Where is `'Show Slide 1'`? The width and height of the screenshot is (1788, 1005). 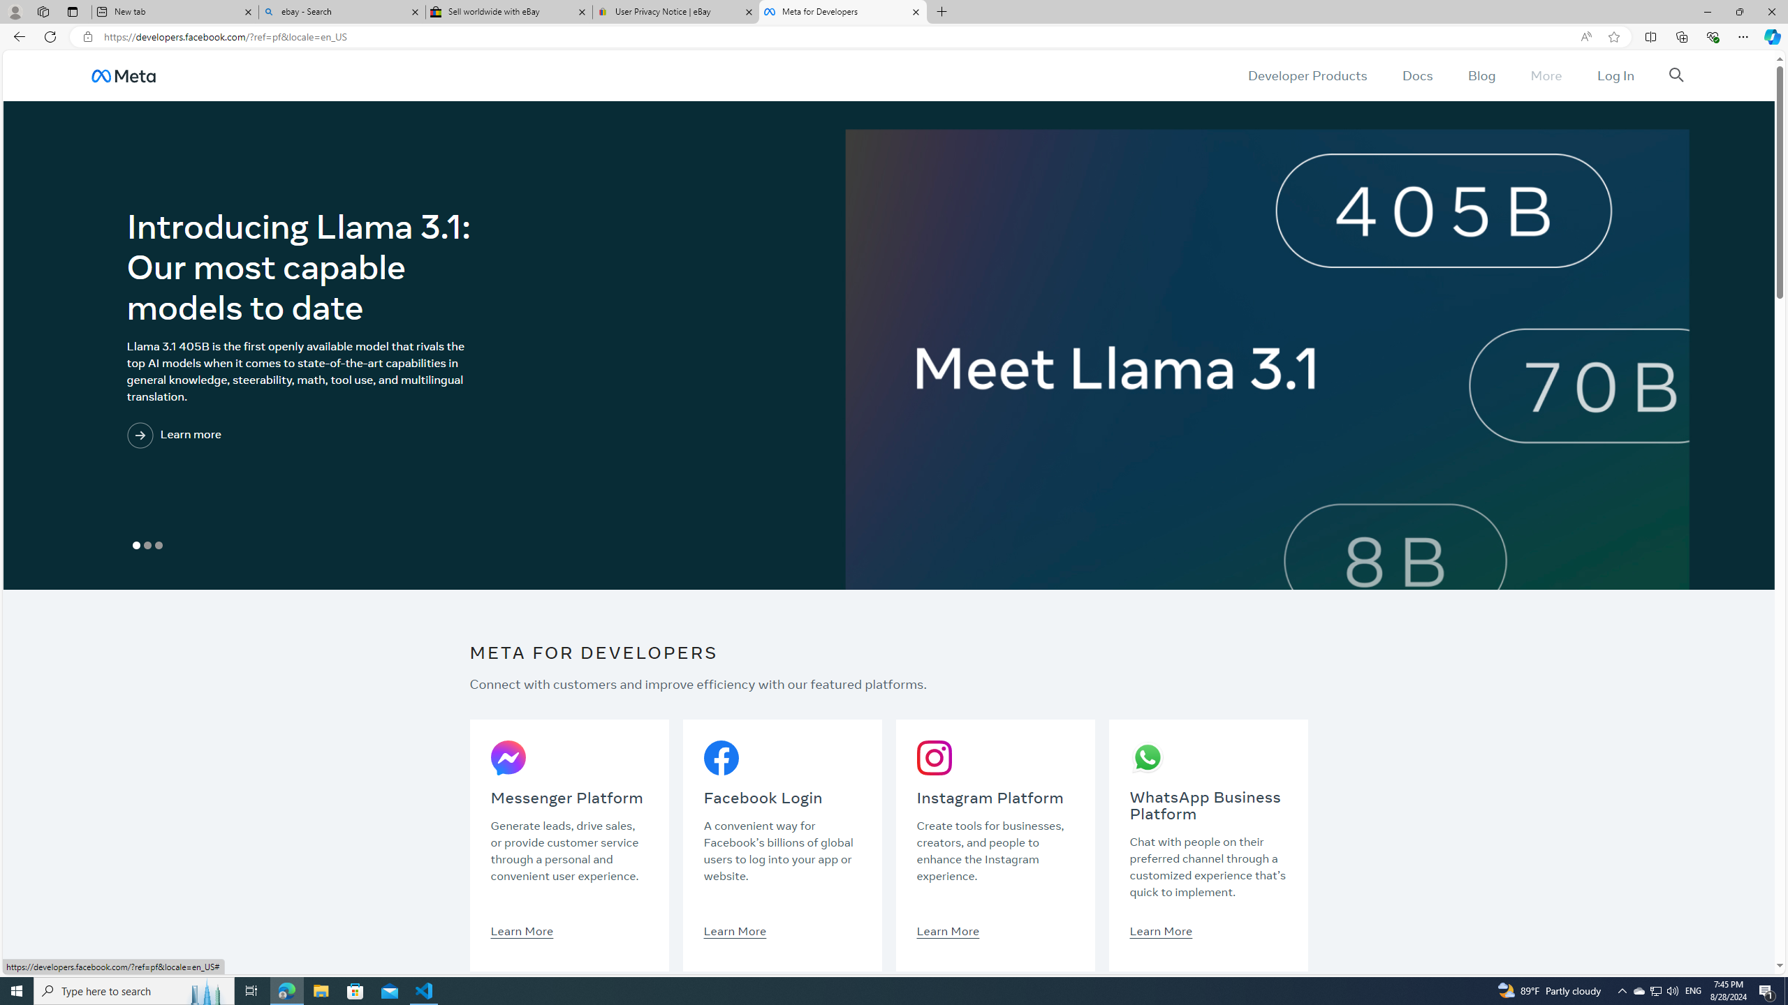
'Show Slide 1' is located at coordinates (136, 545).